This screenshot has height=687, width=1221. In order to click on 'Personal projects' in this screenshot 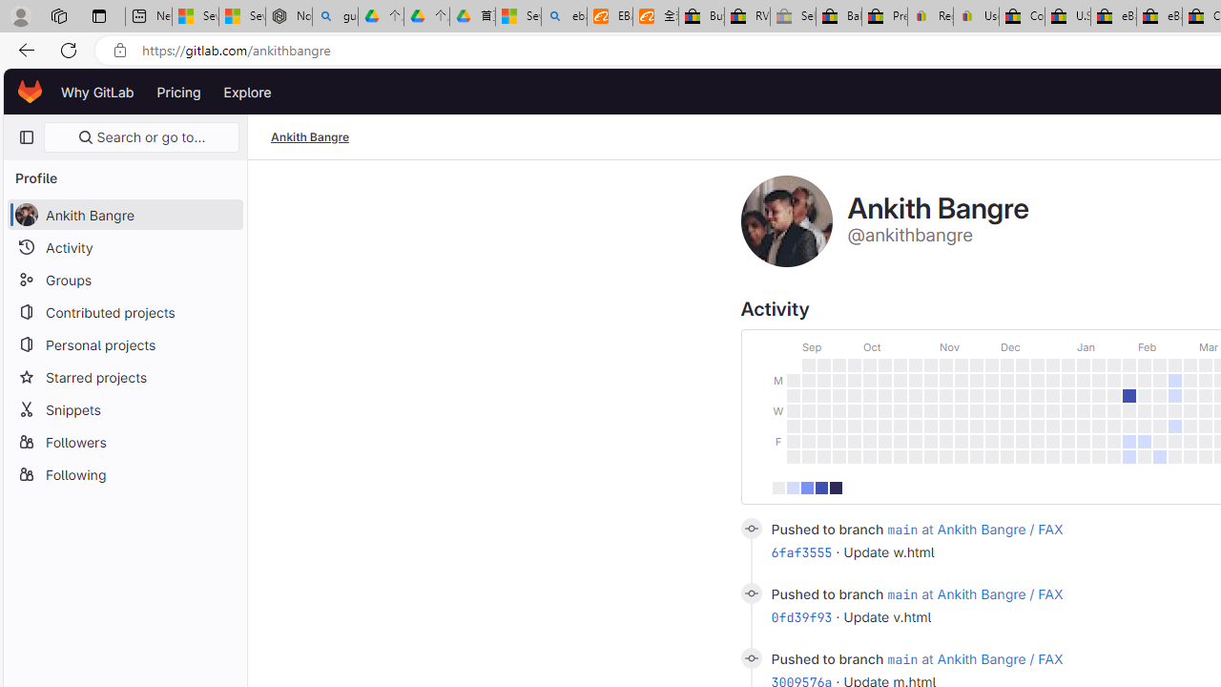, I will do `click(124, 344)`.